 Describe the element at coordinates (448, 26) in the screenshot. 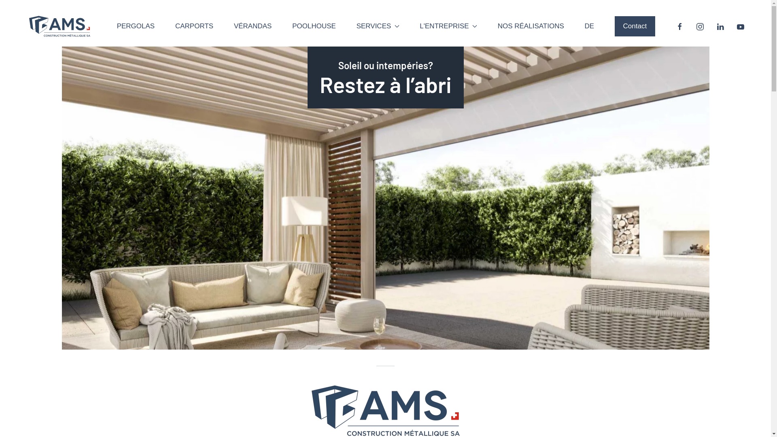

I see `'L'ENTREPRISE'` at that location.